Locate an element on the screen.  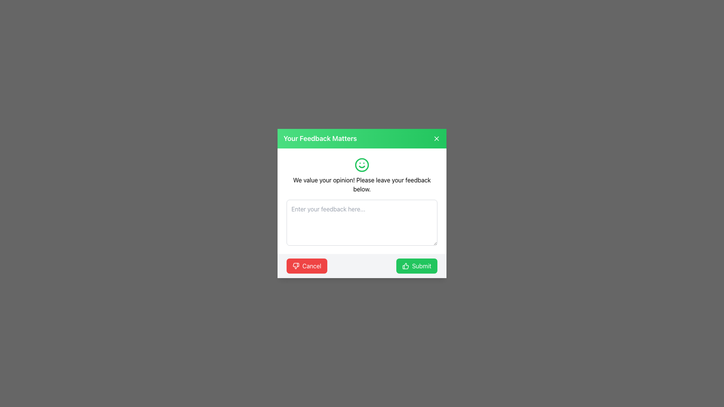
the negative feedback icon located in the bottom-left area of the modal box, to the left of the 'Cancel' button is located at coordinates (296, 265).